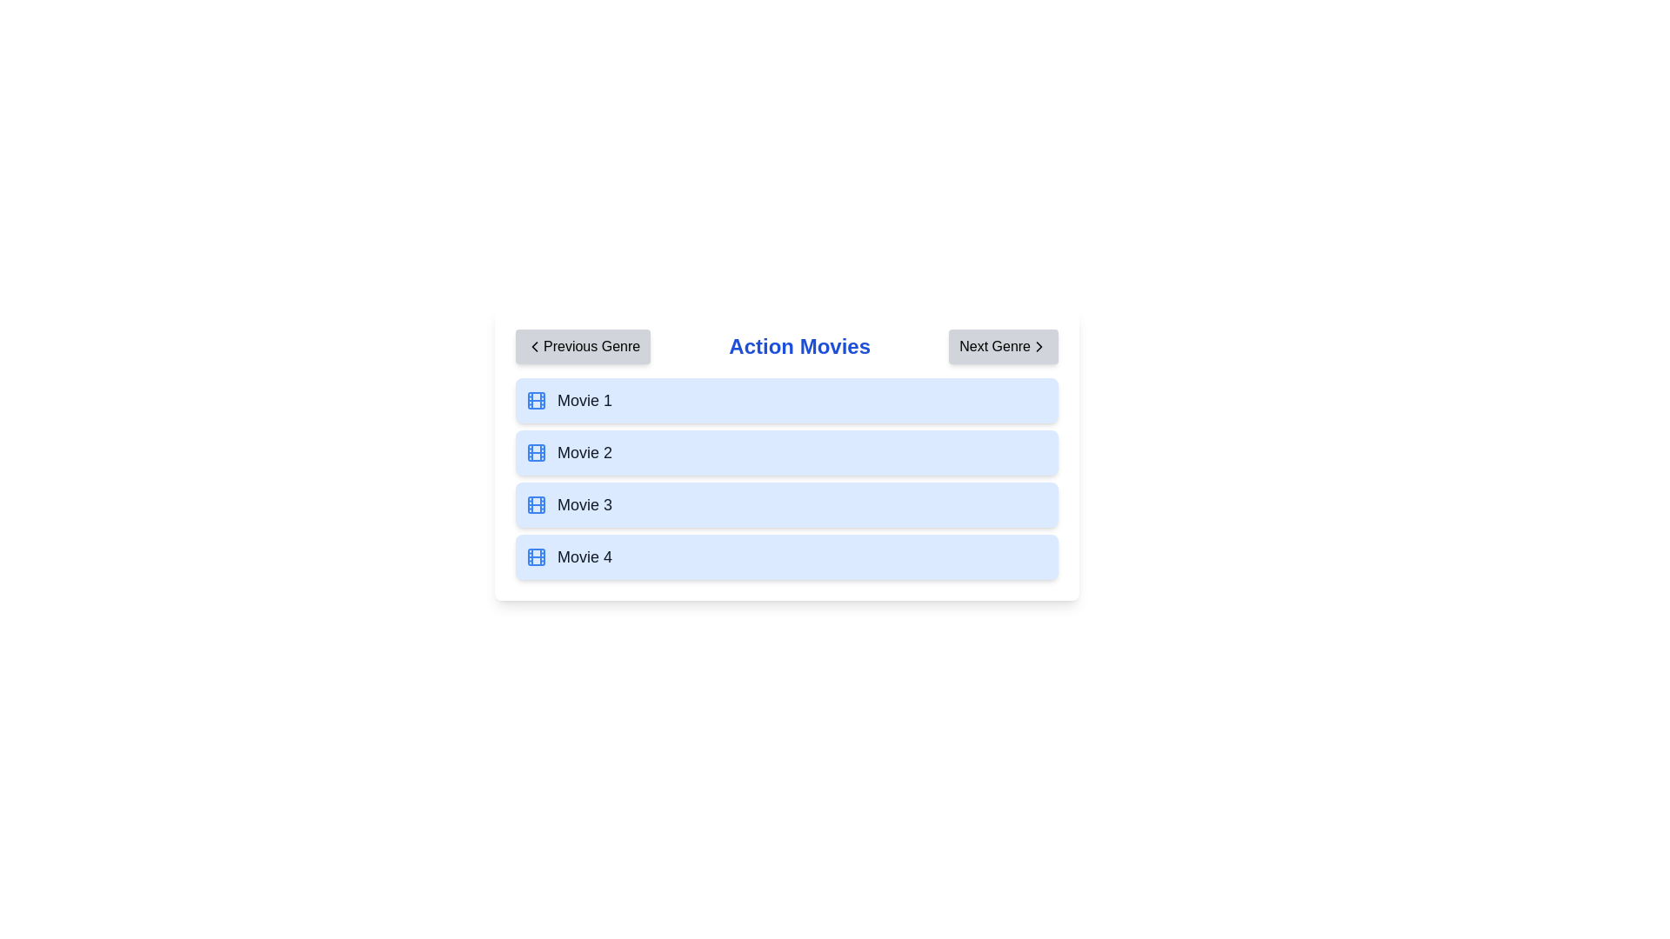  What do you see at coordinates (584, 451) in the screenshot?
I see `the text label displaying 'Movie 2', which is located in the second row of the 'Action Movies' list, beneath 'Movie 1'` at bounding box center [584, 451].